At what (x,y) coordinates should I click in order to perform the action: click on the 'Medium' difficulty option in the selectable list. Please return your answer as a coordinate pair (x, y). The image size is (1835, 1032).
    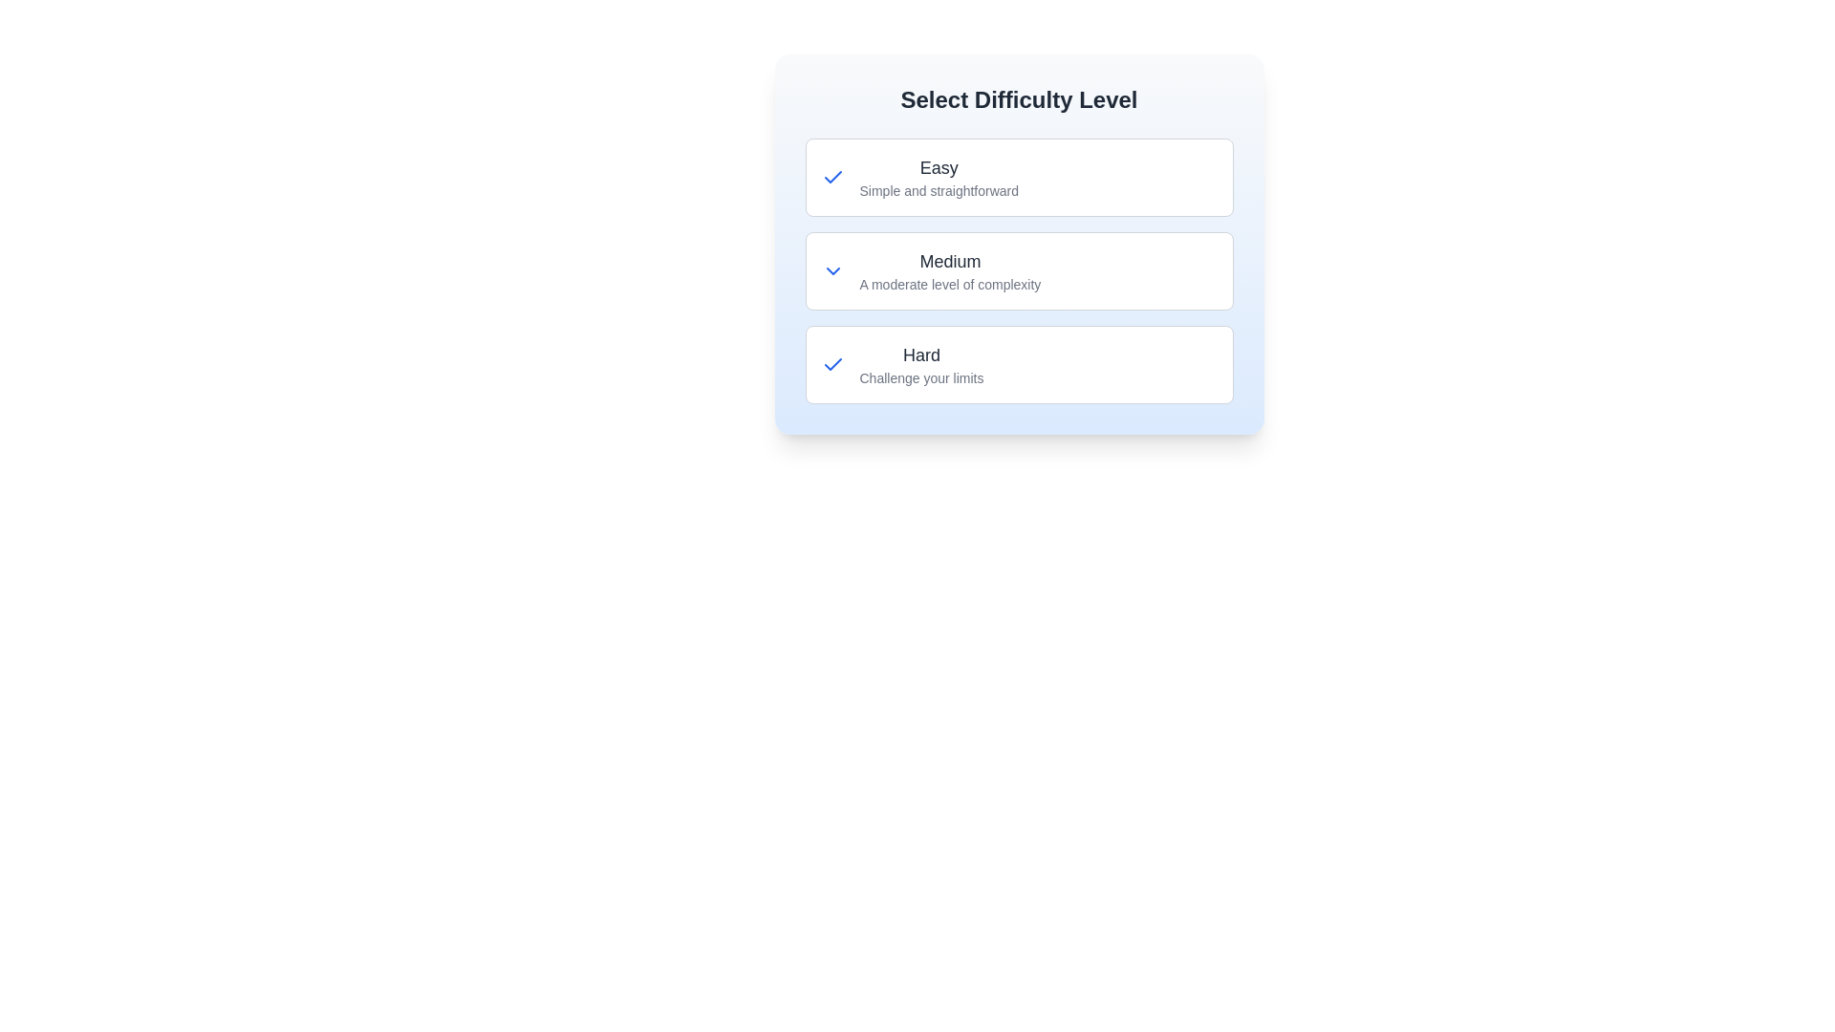
    Looking at the image, I should click on (1018, 271).